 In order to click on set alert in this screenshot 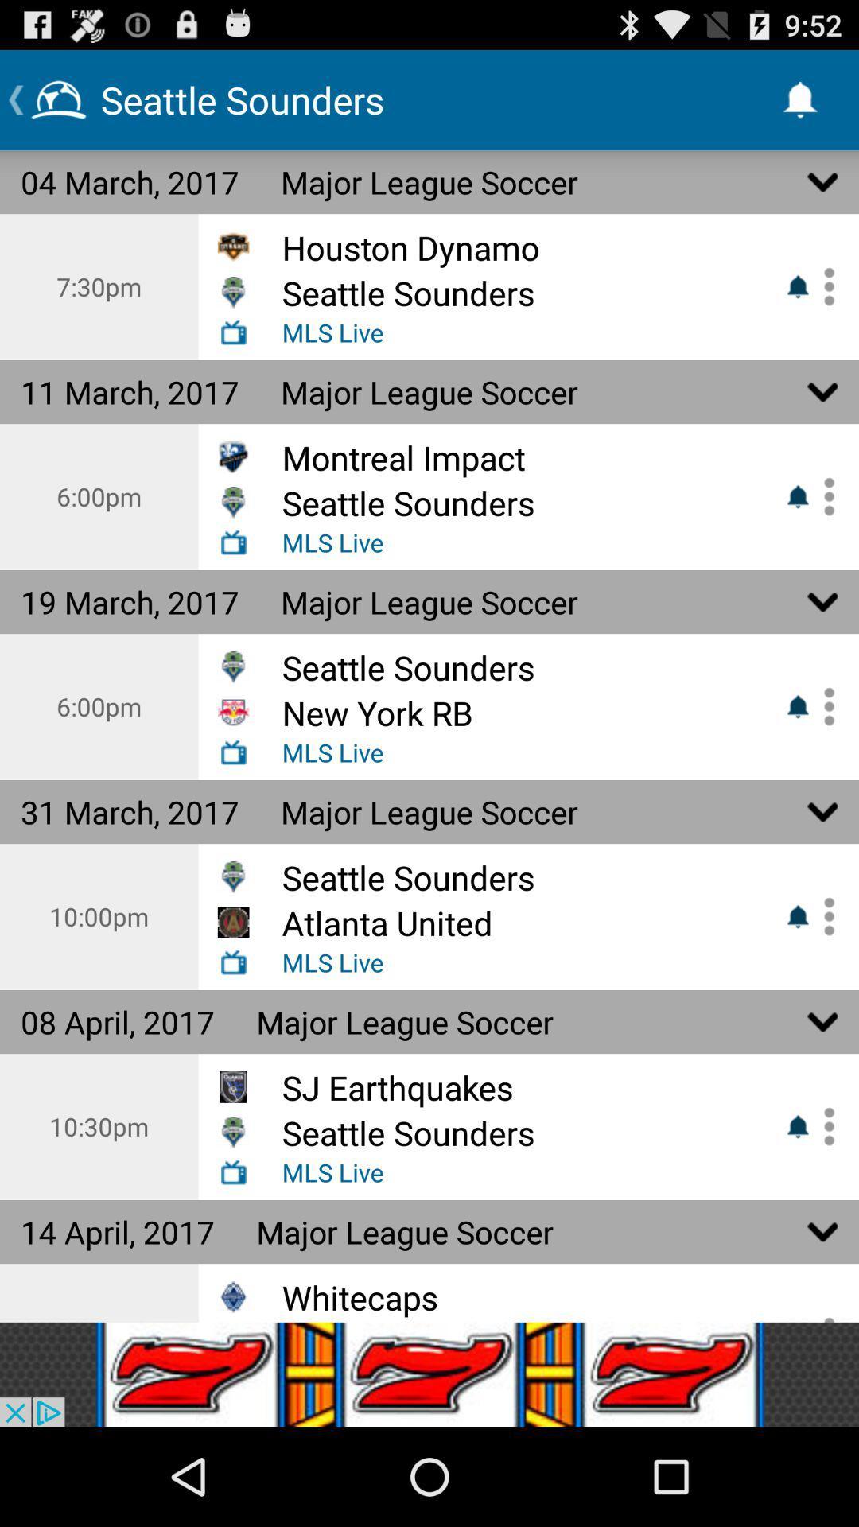, I will do `click(823, 495)`.